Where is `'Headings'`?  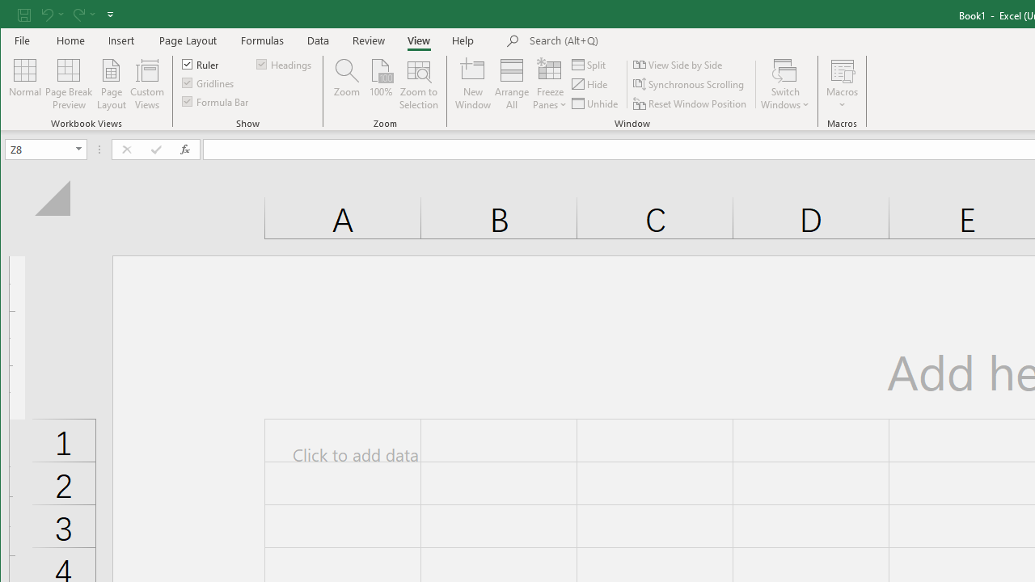
'Headings' is located at coordinates (285, 63).